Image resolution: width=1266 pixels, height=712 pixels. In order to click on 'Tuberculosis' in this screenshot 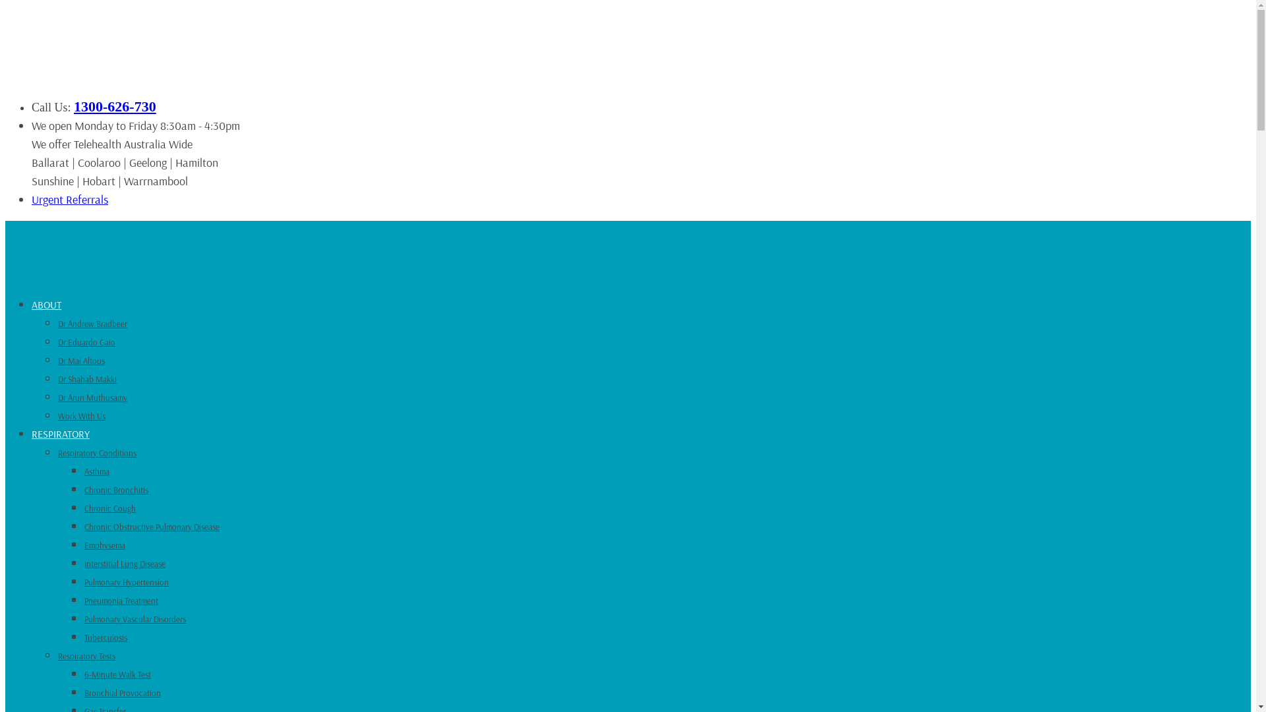, I will do `click(105, 637)`.